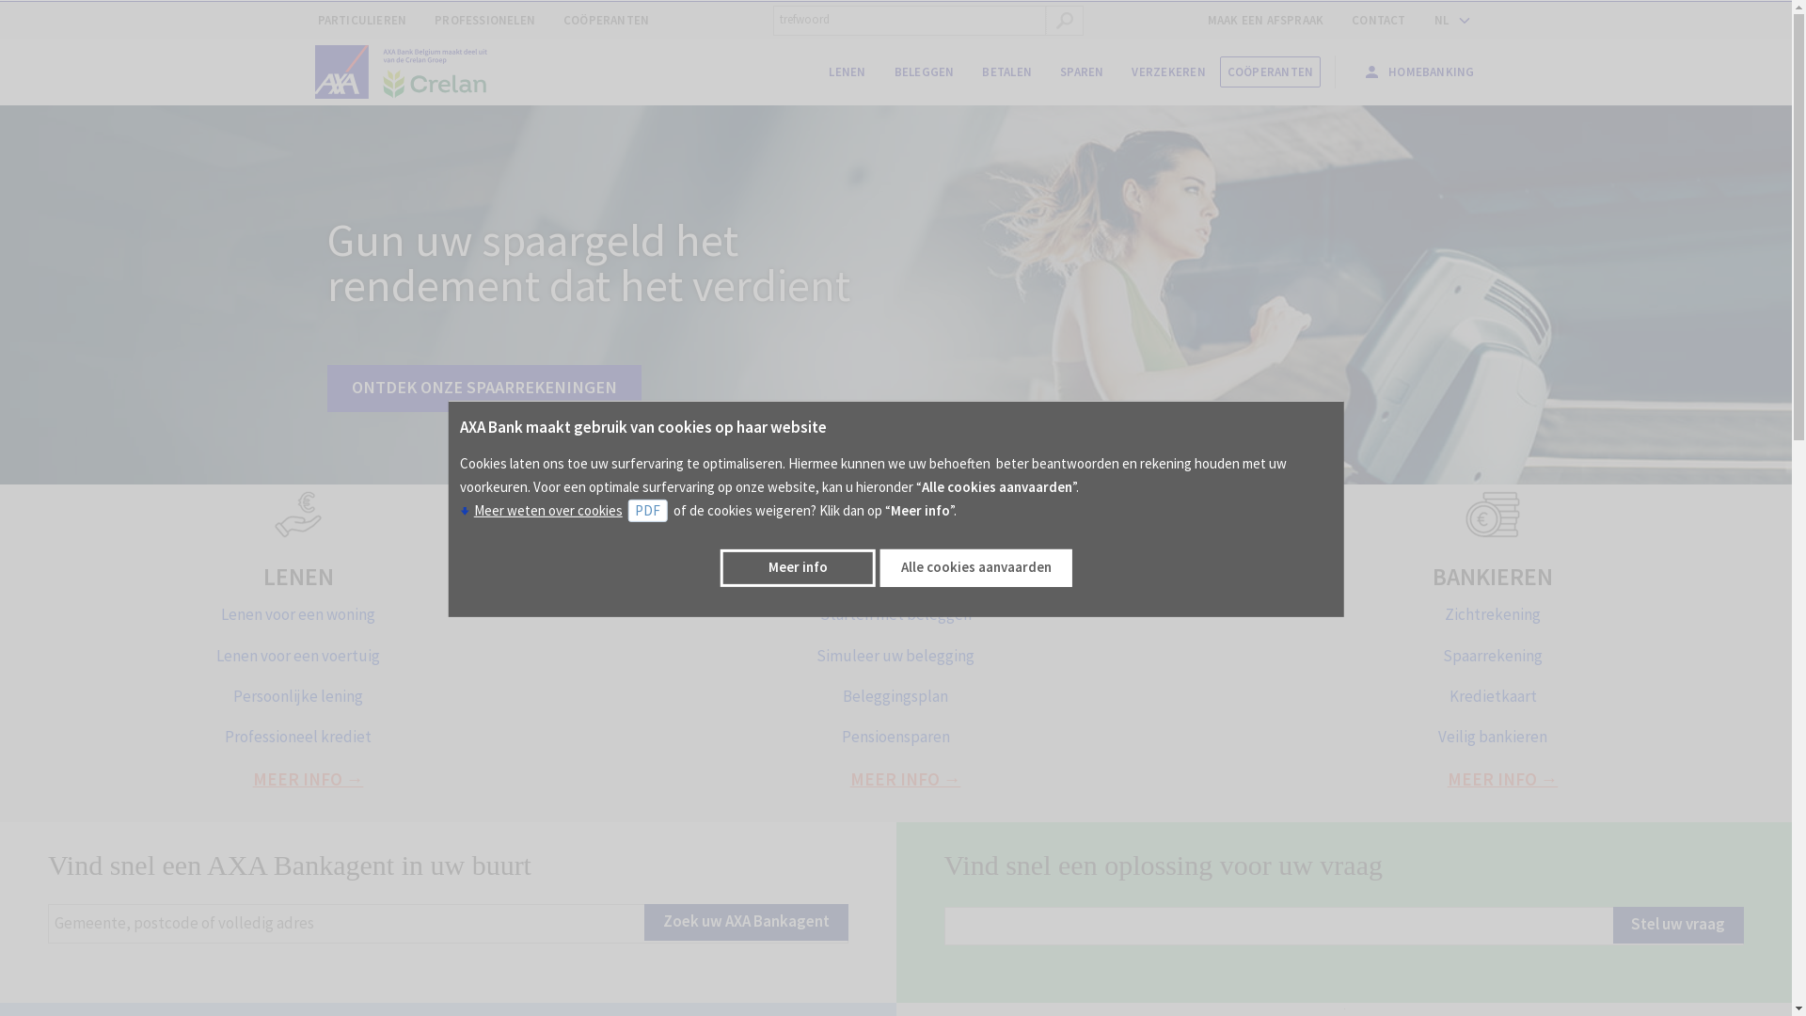 This screenshot has width=1806, height=1016. I want to click on 'CONTACT', so click(1378, 20).